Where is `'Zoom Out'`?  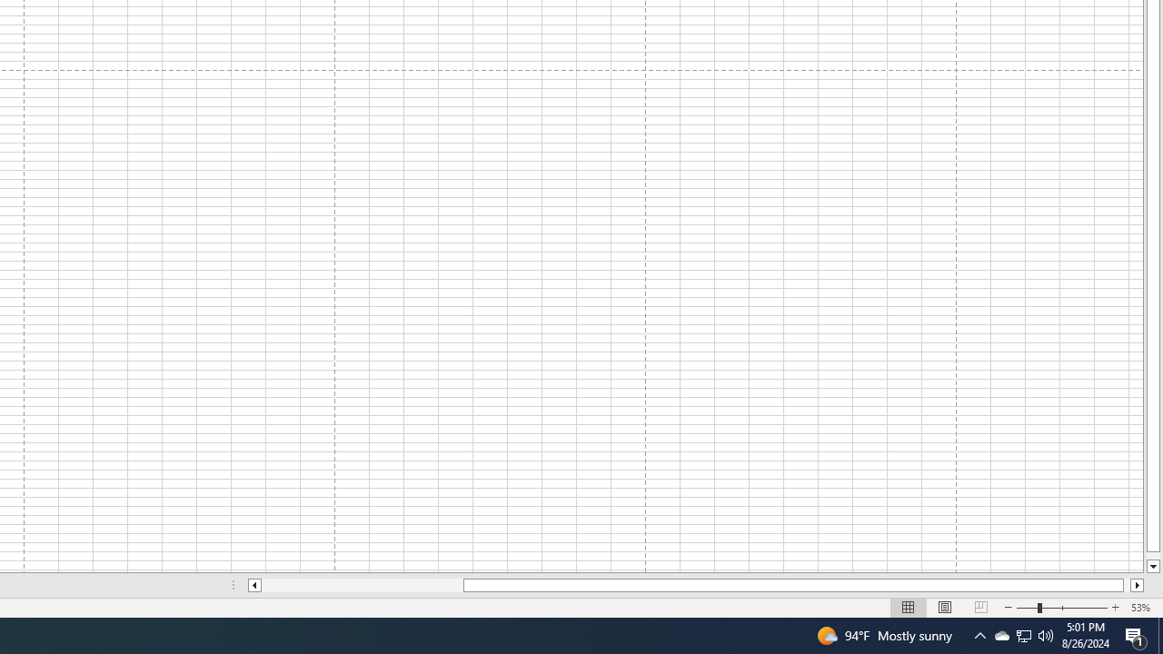 'Zoom Out' is located at coordinates (1027, 608).